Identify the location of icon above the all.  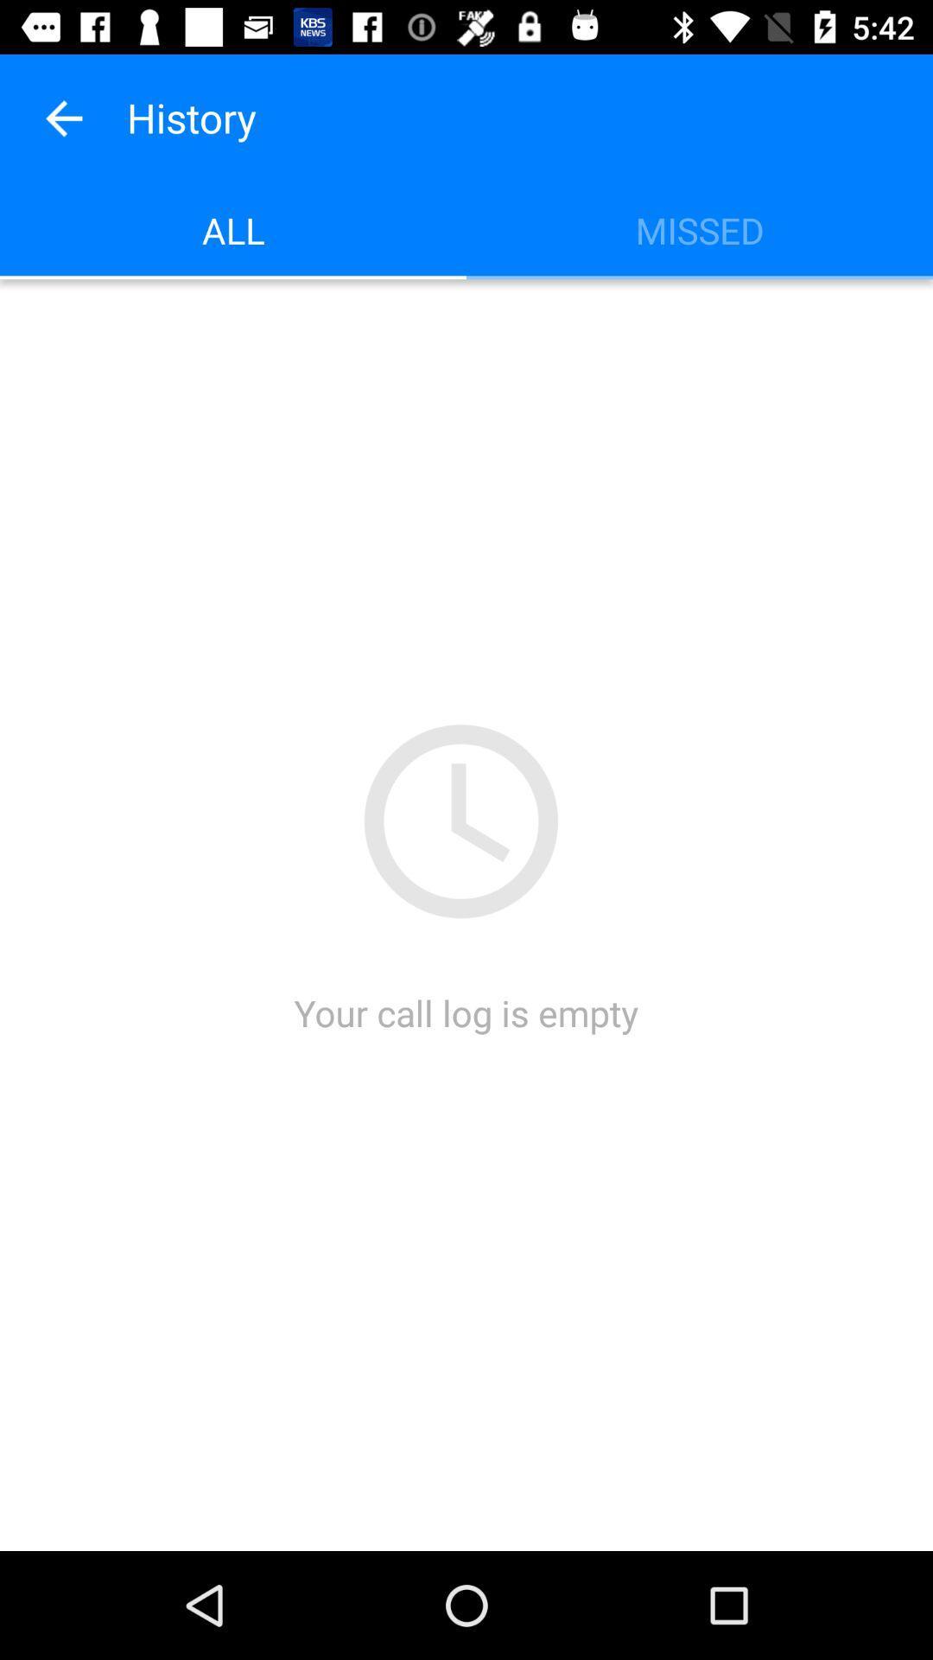
(62, 117).